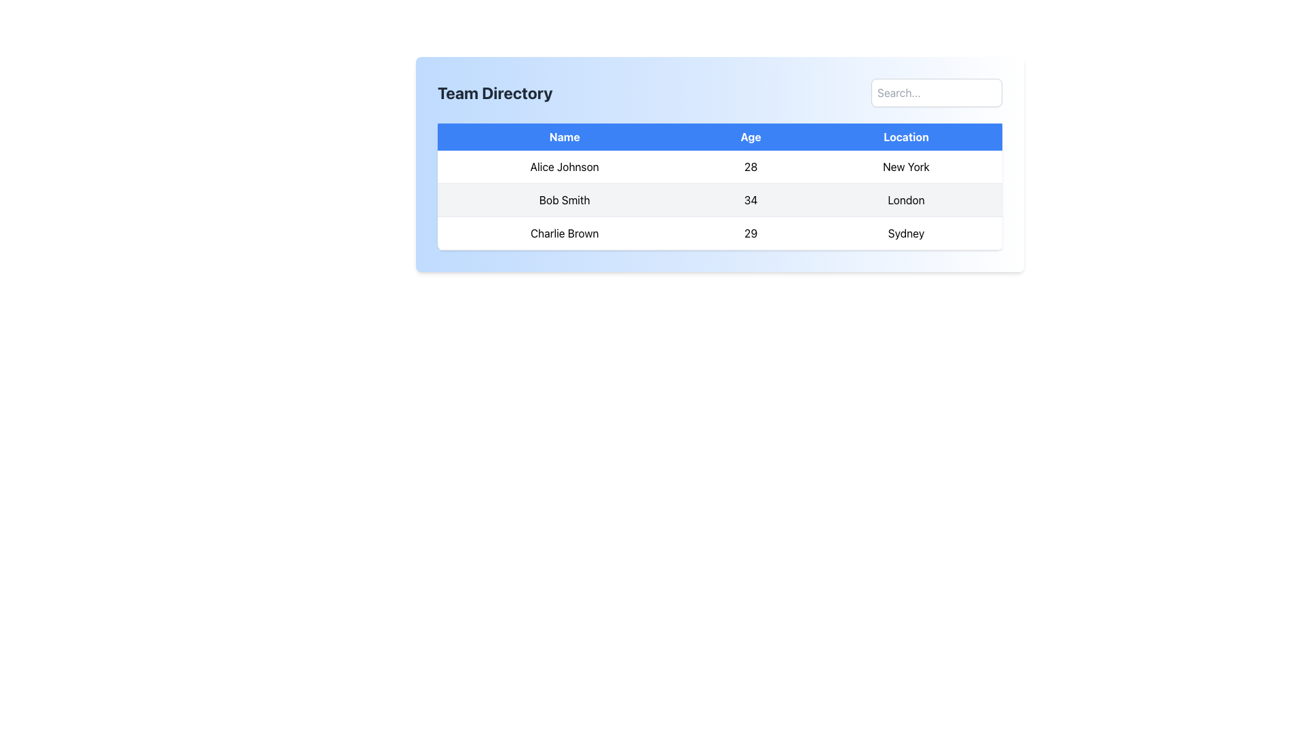 This screenshot has height=733, width=1303. I want to click on the Table Header Cell for the 'Age' column, which is the second column in the header row of the table, so click(750, 136).